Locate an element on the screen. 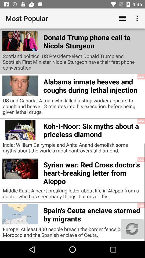  koh i noor icon is located at coordinates (92, 129).